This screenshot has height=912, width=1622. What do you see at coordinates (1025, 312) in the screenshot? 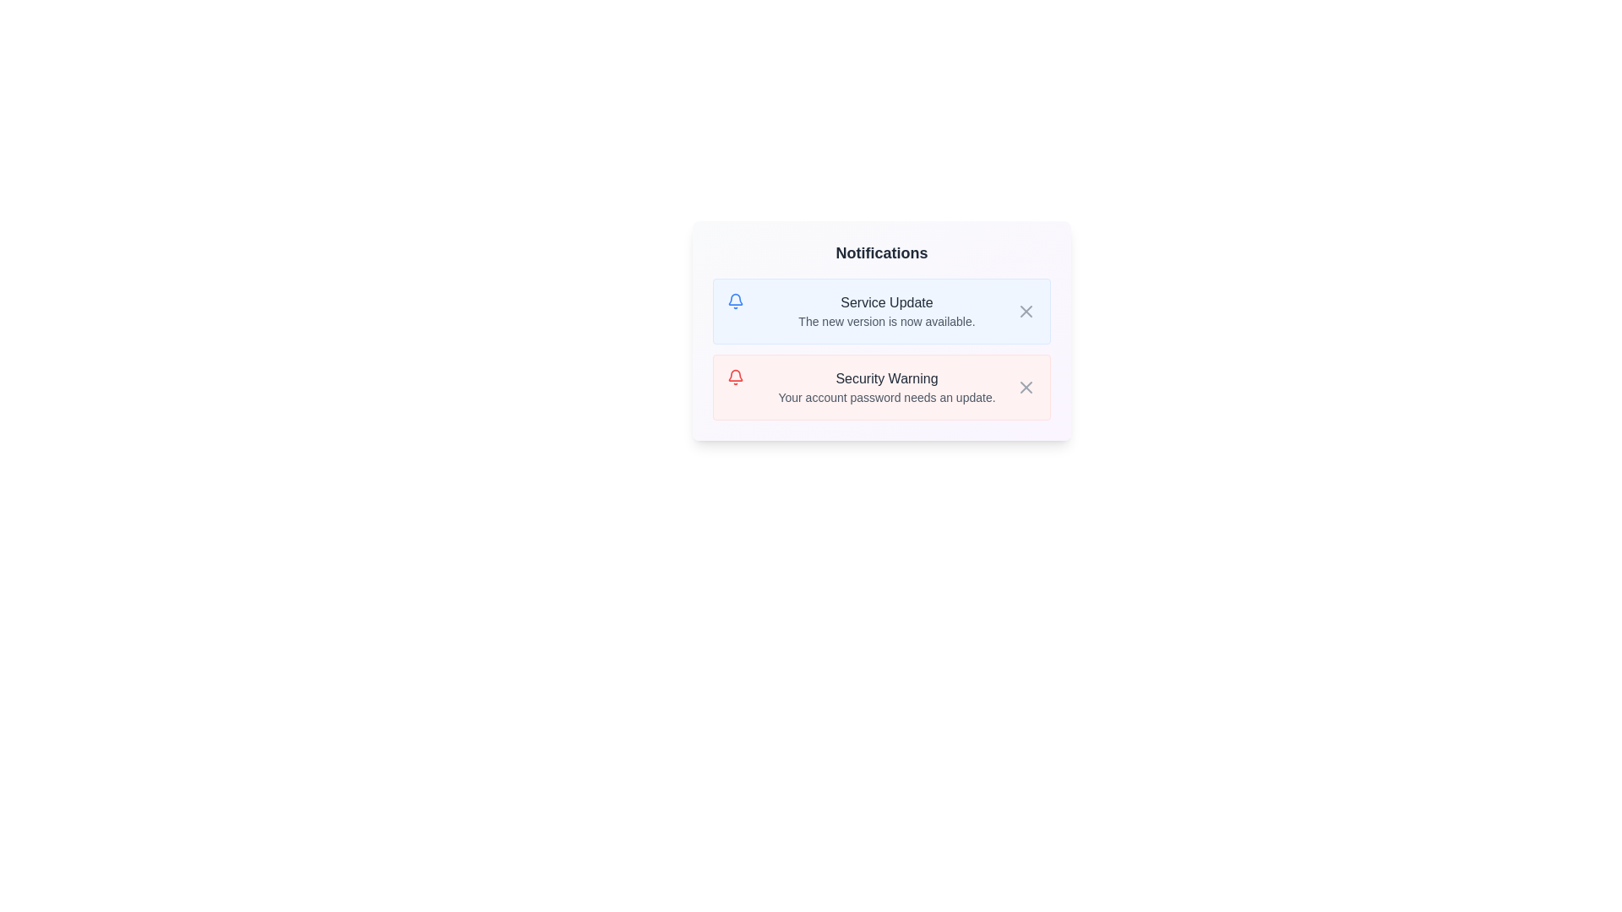
I see `the close button with a gray 'X' icon located in the top-right corner of the 'Service Update' notification box` at bounding box center [1025, 312].